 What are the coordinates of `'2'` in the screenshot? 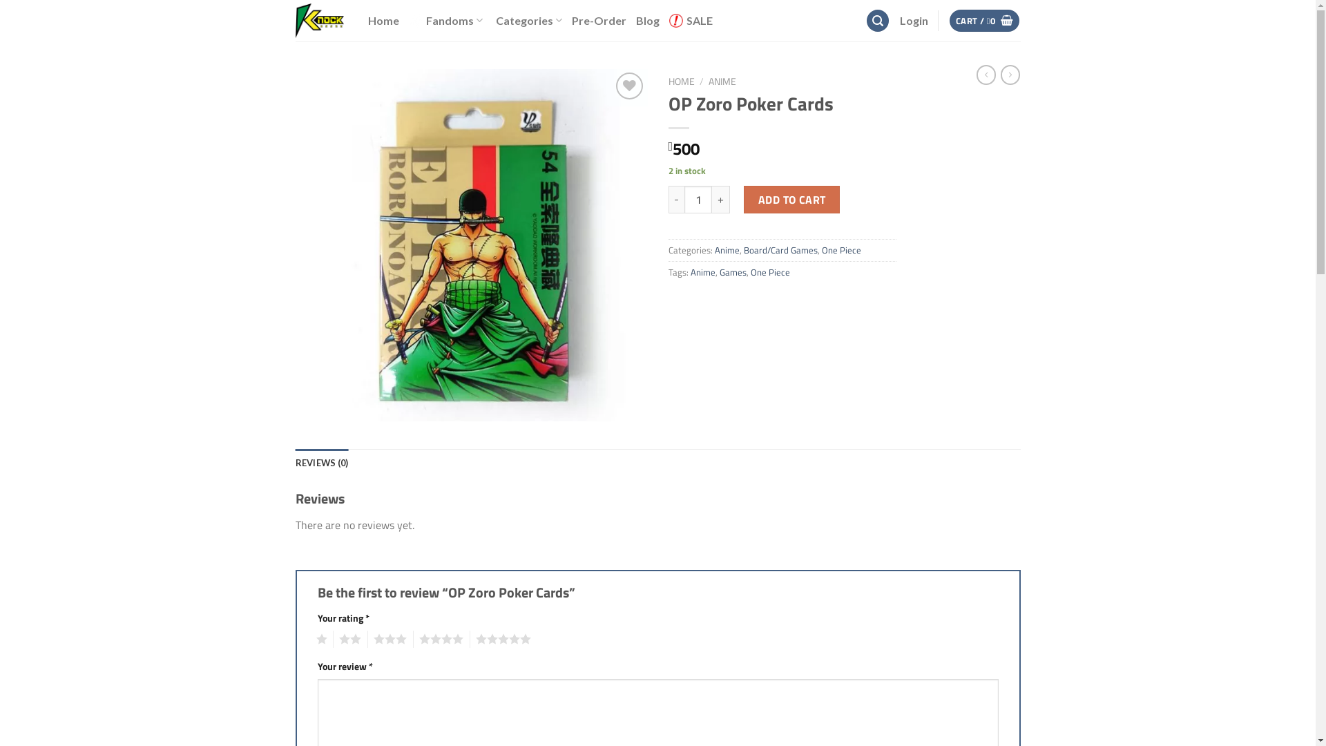 It's located at (332, 639).